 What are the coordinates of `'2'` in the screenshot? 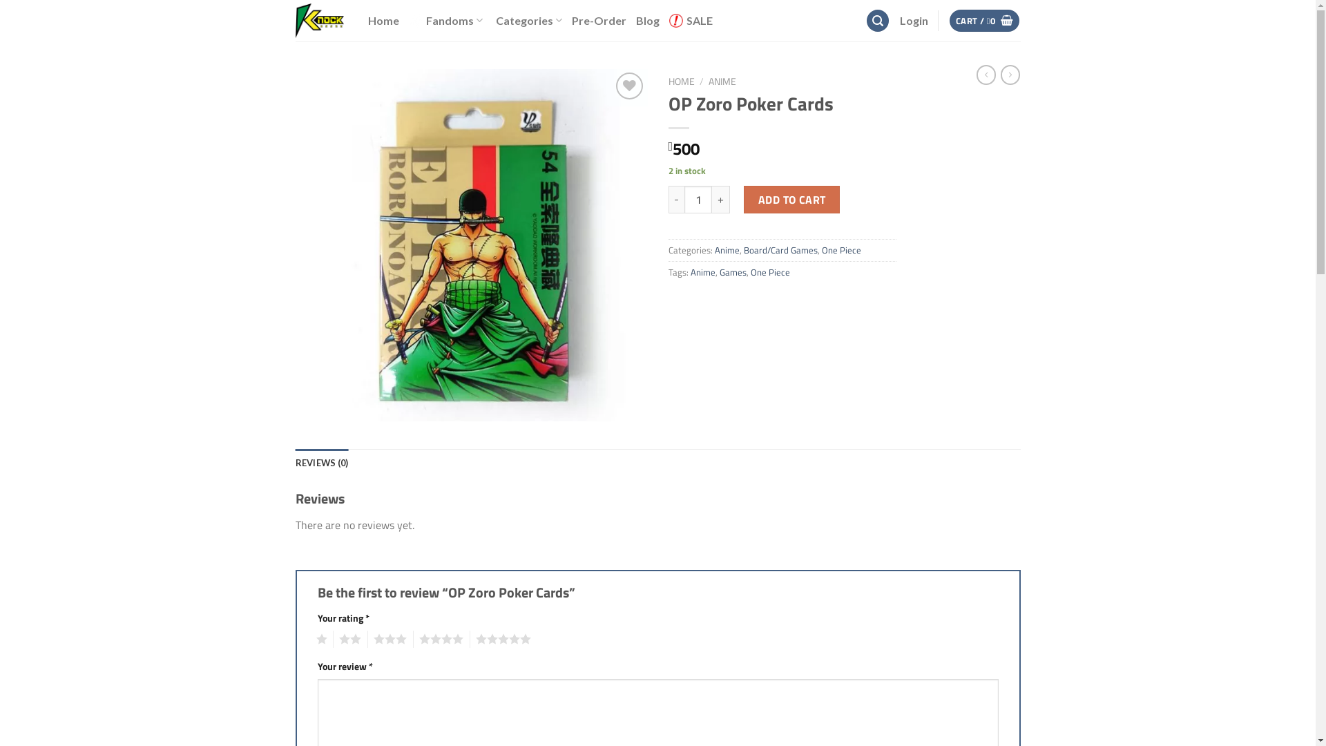 It's located at (332, 639).